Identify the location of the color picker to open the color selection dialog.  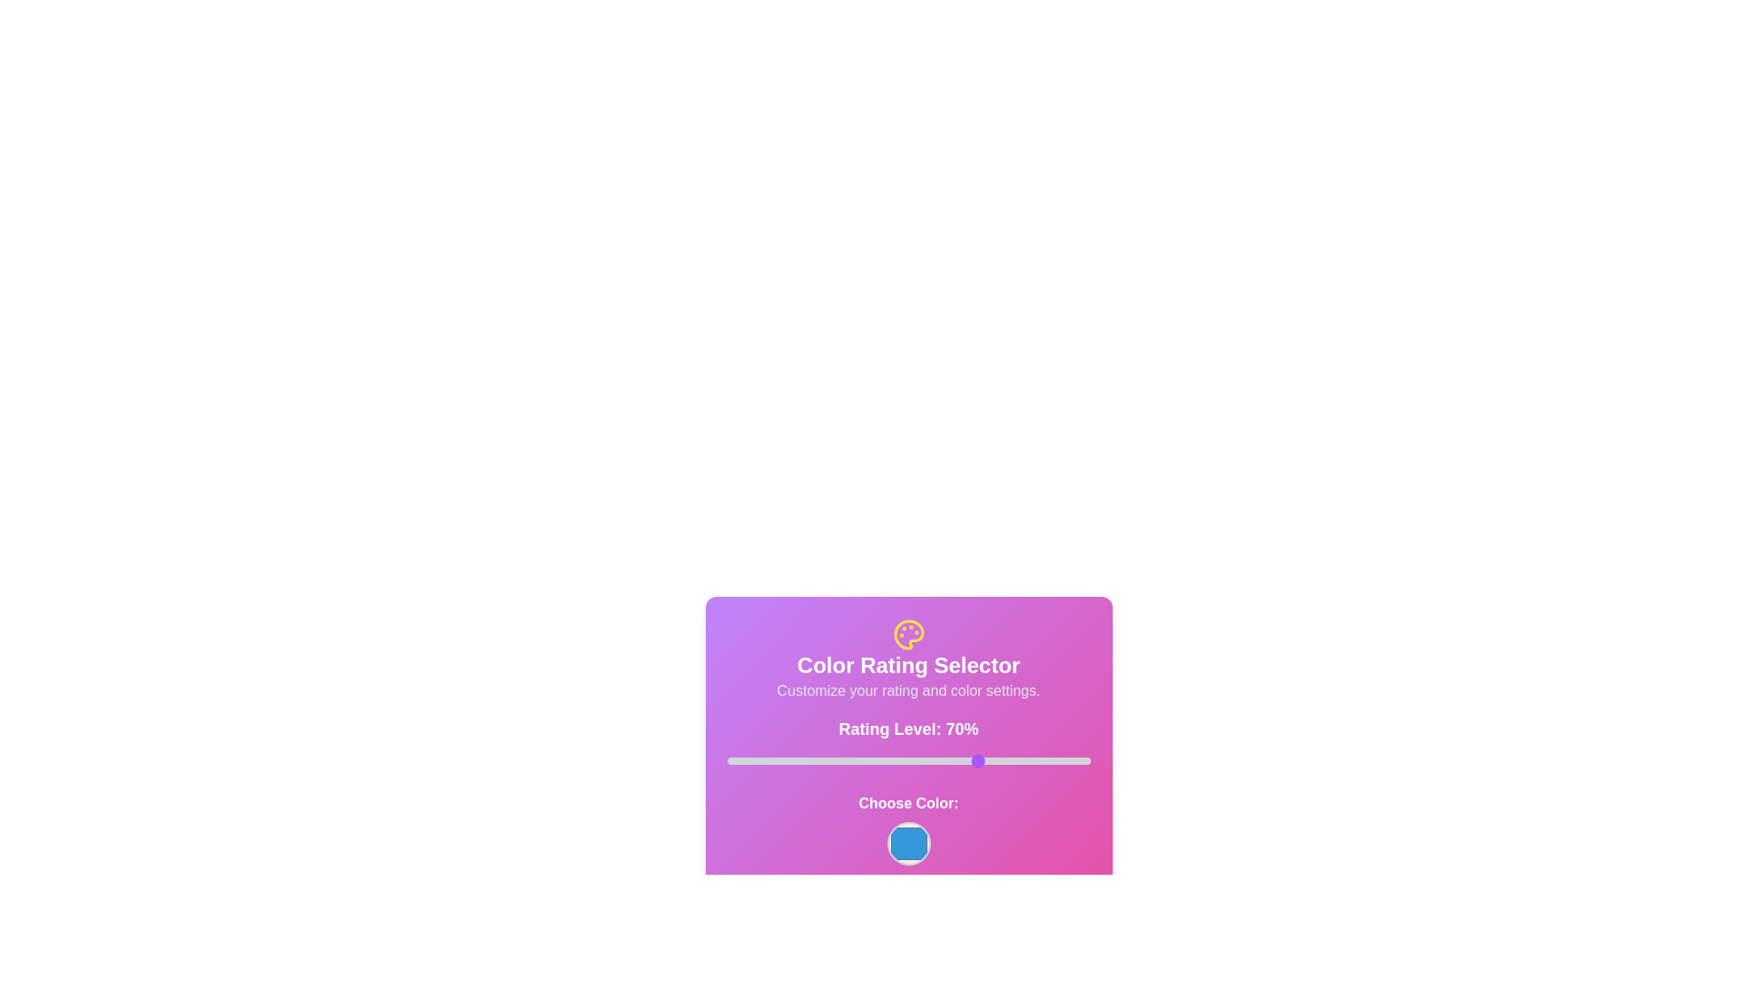
(908, 844).